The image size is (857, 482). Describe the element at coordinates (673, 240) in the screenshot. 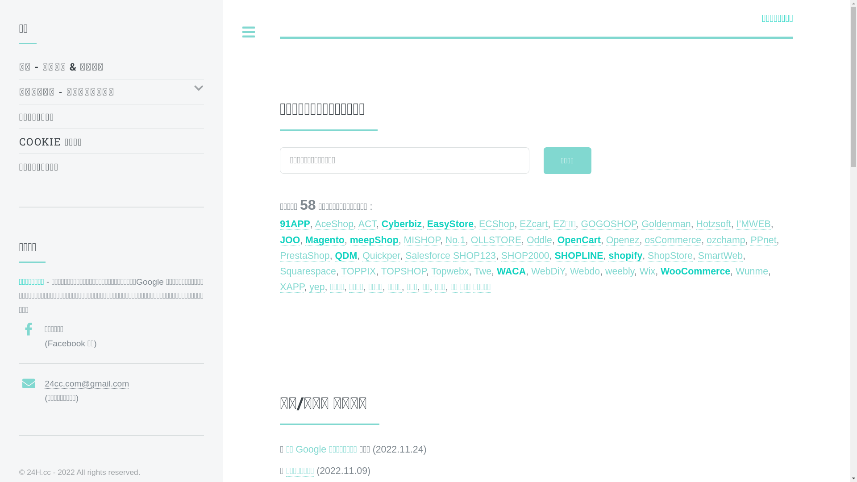

I see `'osCommerce'` at that location.